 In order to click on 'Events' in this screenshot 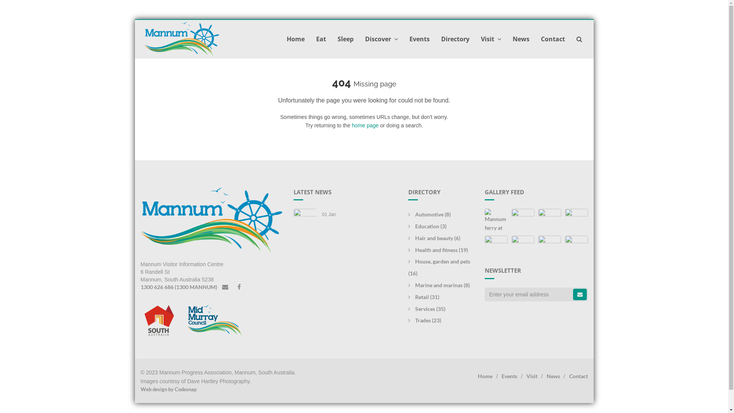, I will do `click(509, 376)`.